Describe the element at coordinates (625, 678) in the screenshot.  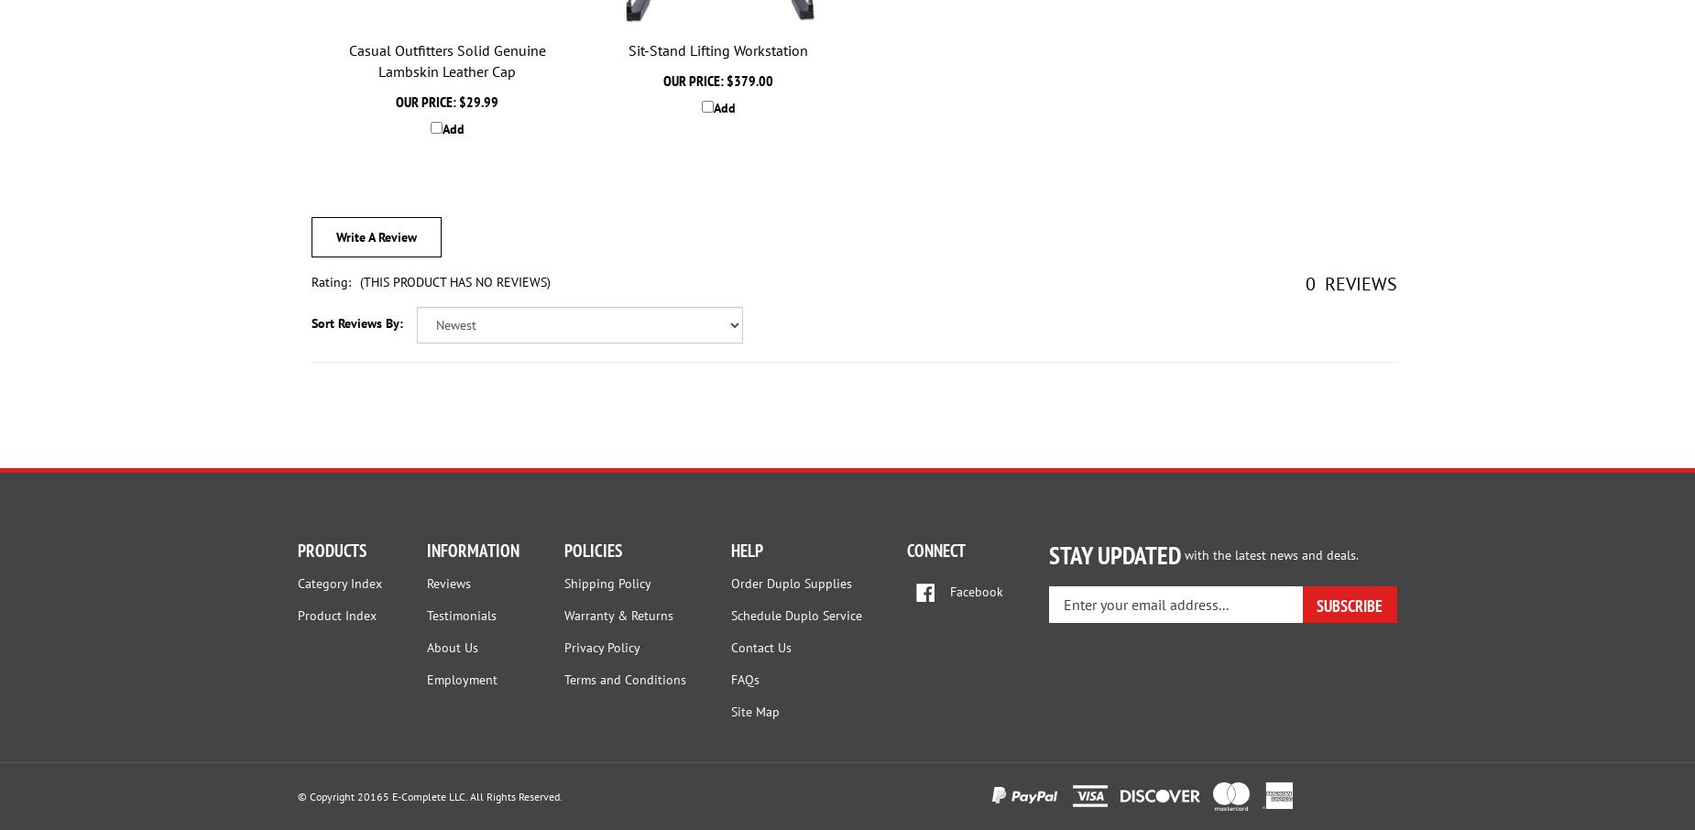
I see `'Terms and Conditions'` at that location.